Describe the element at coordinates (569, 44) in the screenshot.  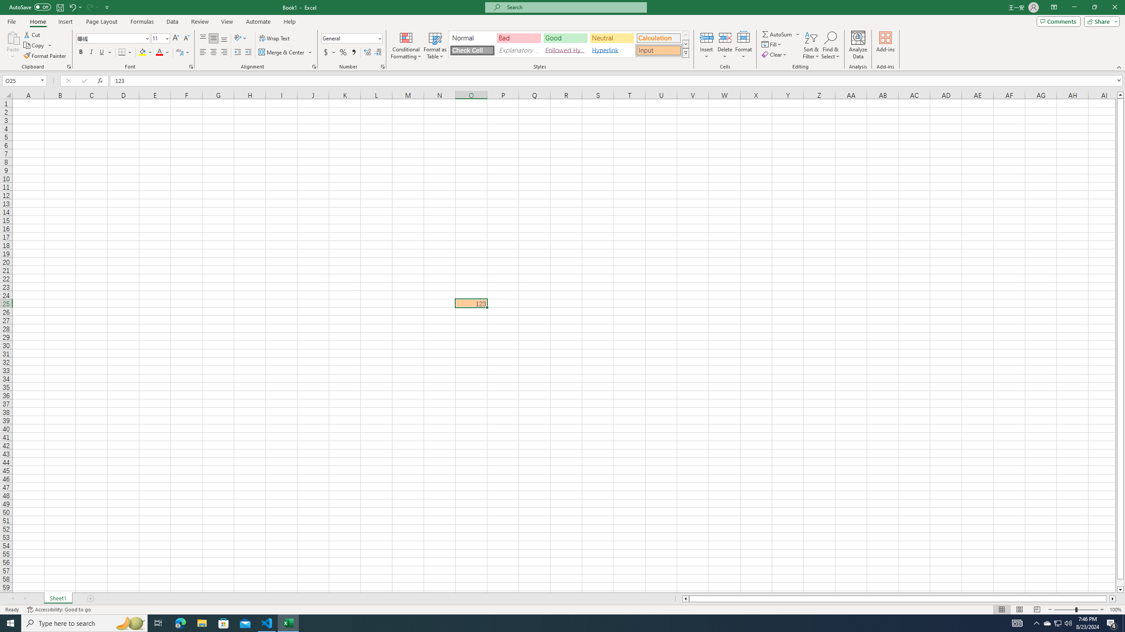
I see `'AutomationID: CellStylesGallery'` at that location.